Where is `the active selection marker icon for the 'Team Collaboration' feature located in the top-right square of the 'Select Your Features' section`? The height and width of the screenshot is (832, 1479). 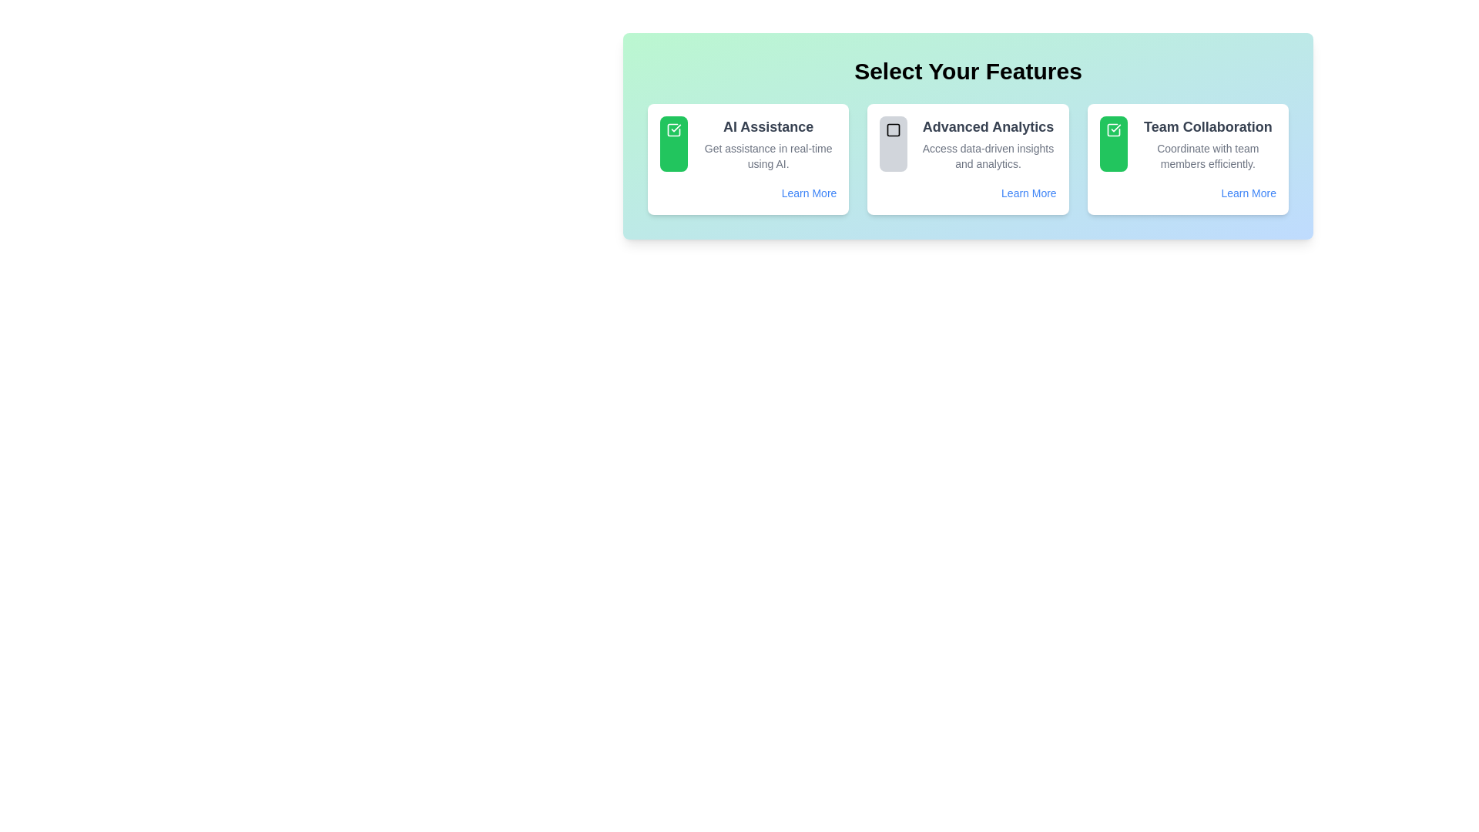
the active selection marker icon for the 'Team Collaboration' feature located in the top-right square of the 'Select Your Features' section is located at coordinates (1113, 129).